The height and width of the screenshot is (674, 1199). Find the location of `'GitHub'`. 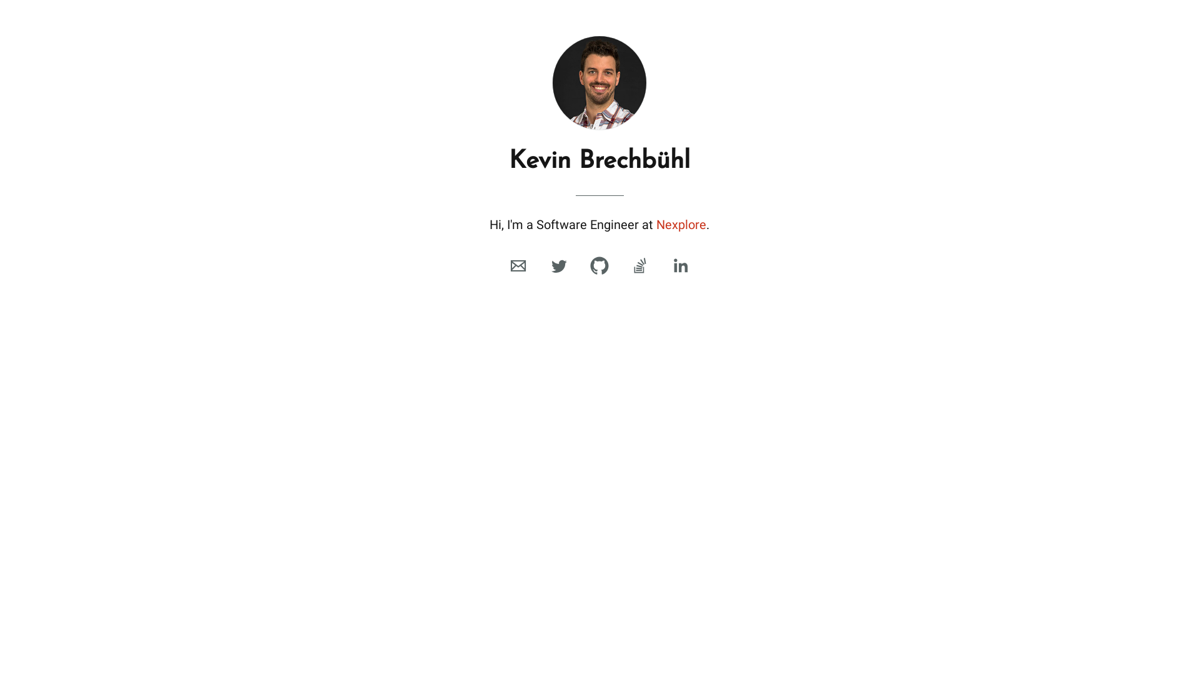

'GitHub' is located at coordinates (599, 265).